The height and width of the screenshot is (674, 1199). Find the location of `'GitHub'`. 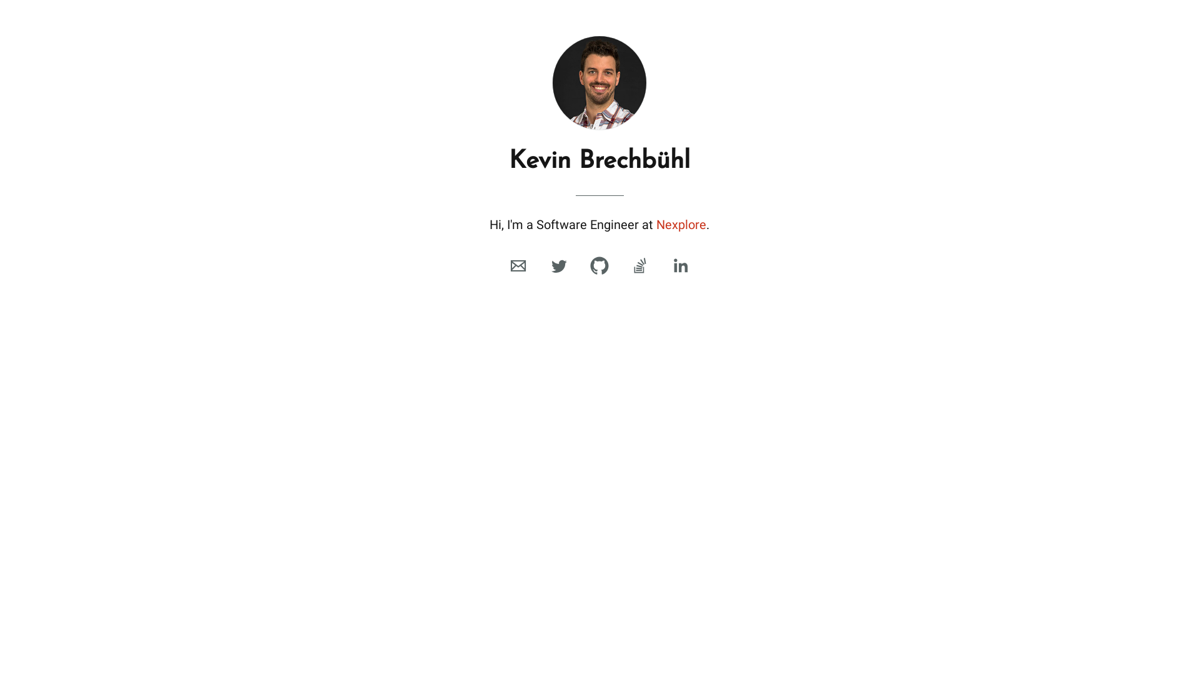

'GitHub' is located at coordinates (599, 265).